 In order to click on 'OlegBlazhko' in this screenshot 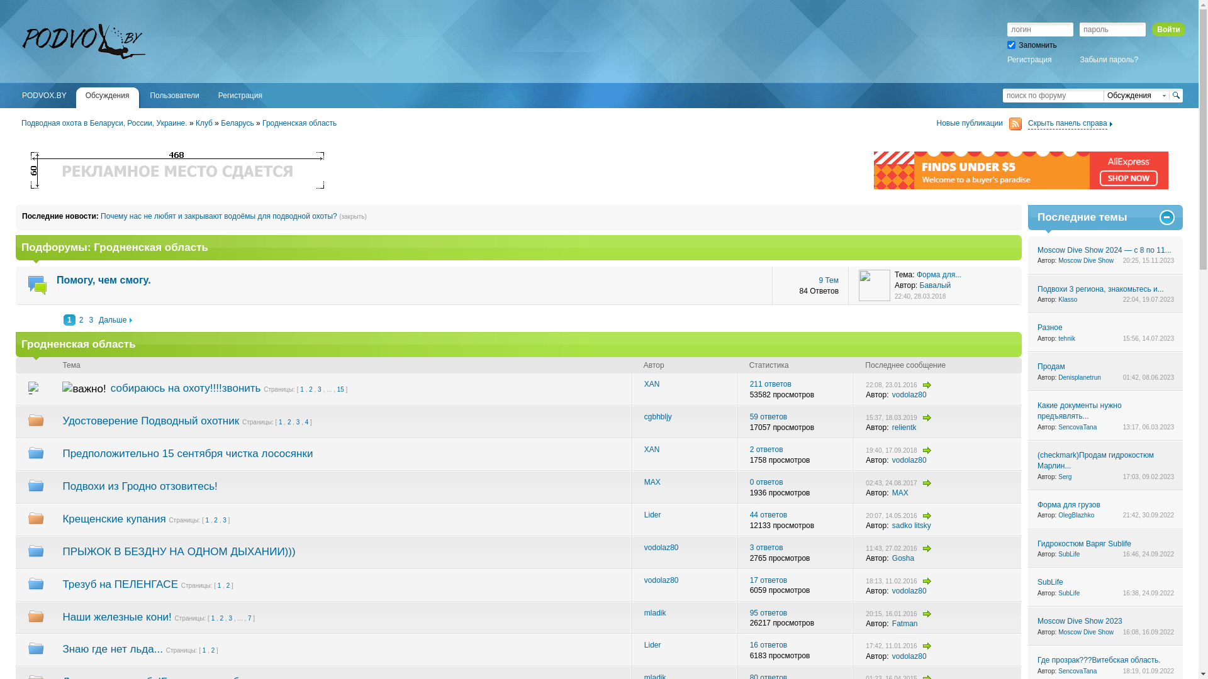, I will do `click(1075, 515)`.